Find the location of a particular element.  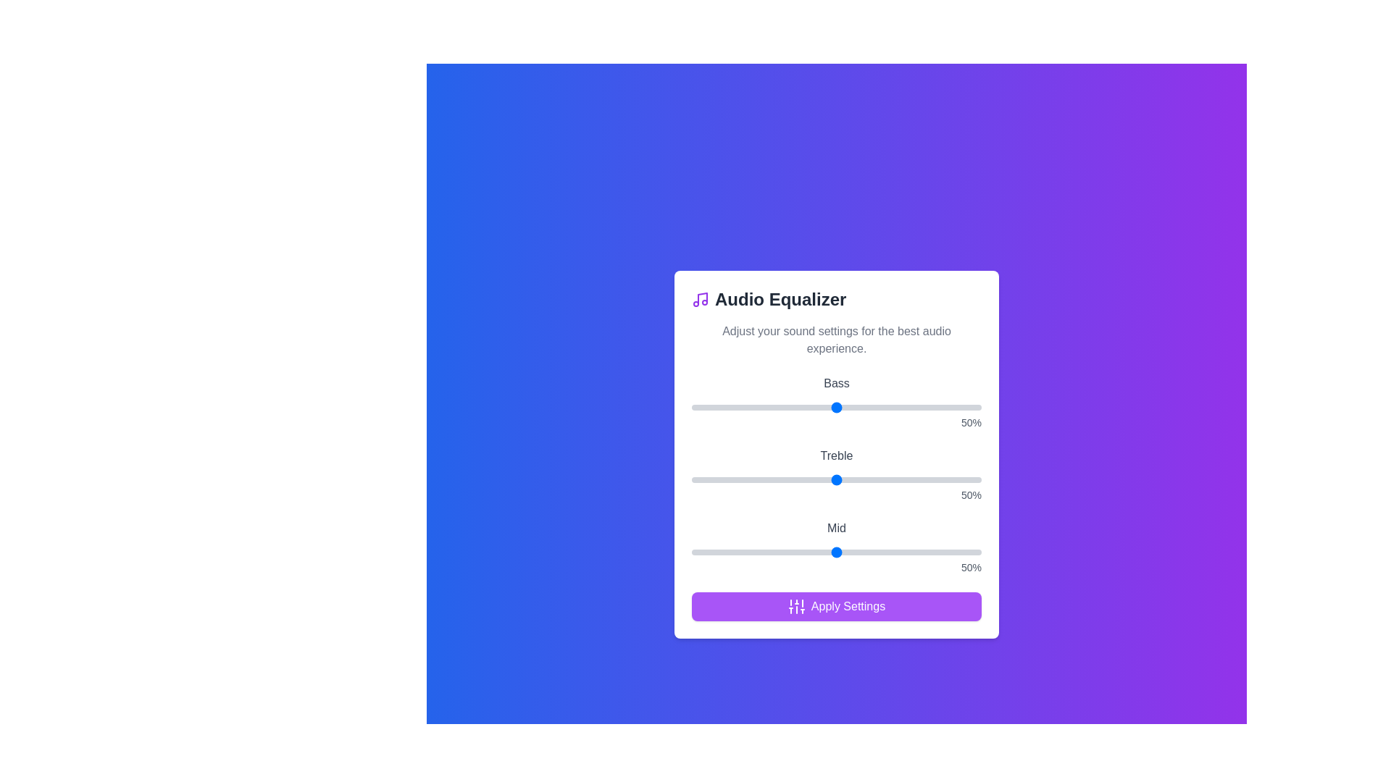

the treble slider to 8% is located at coordinates (715, 480).